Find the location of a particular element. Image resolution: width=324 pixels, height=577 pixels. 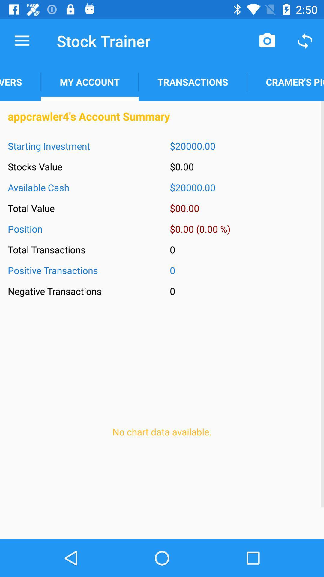

the my account is located at coordinates (90, 82).